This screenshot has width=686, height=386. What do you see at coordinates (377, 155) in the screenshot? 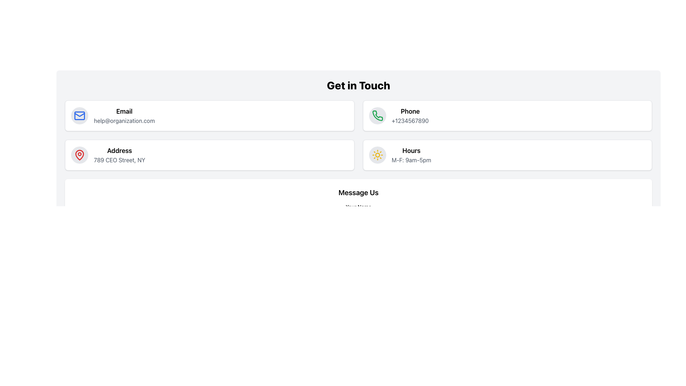
I see `the leftmost circular gray button with a yellow sun icon located in the 'Hours' box, near the text 'Hours M-F: 9am-5pm.'` at bounding box center [377, 155].